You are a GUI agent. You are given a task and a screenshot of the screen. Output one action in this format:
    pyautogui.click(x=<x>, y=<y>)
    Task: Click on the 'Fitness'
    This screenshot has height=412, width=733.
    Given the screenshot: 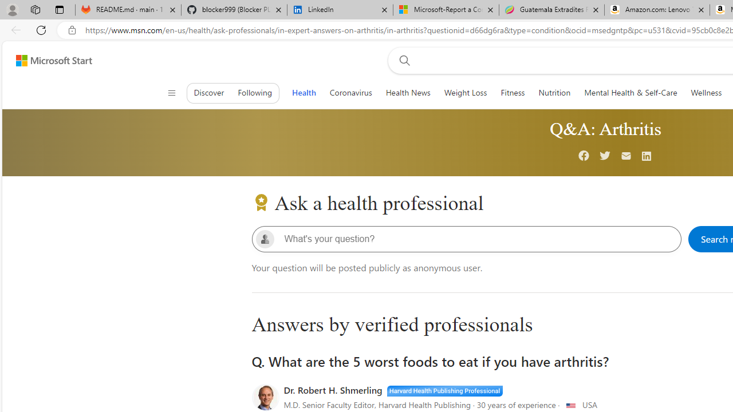 What is the action you would take?
    pyautogui.click(x=512, y=92)
    